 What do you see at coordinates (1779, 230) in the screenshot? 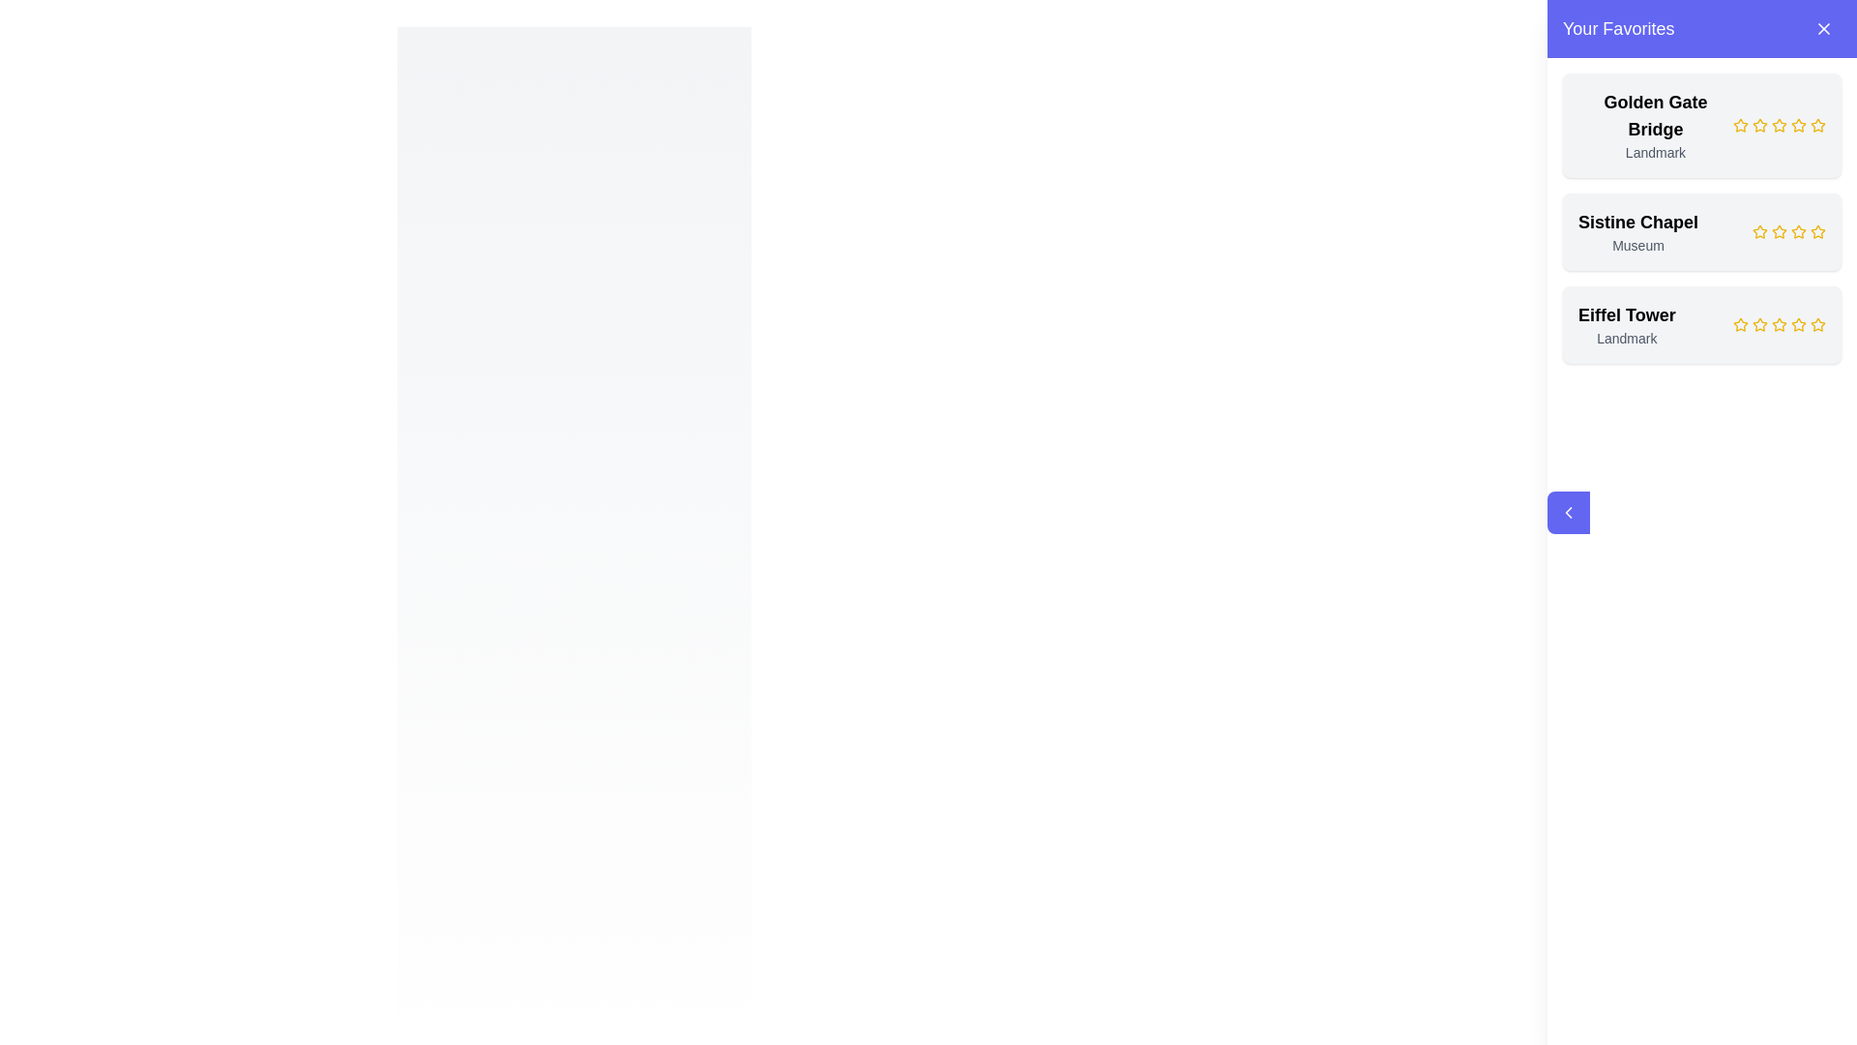
I see `the third star icon in the rating system within the 'Sistine Chapel' card in the 'Your Favorites' section` at bounding box center [1779, 230].